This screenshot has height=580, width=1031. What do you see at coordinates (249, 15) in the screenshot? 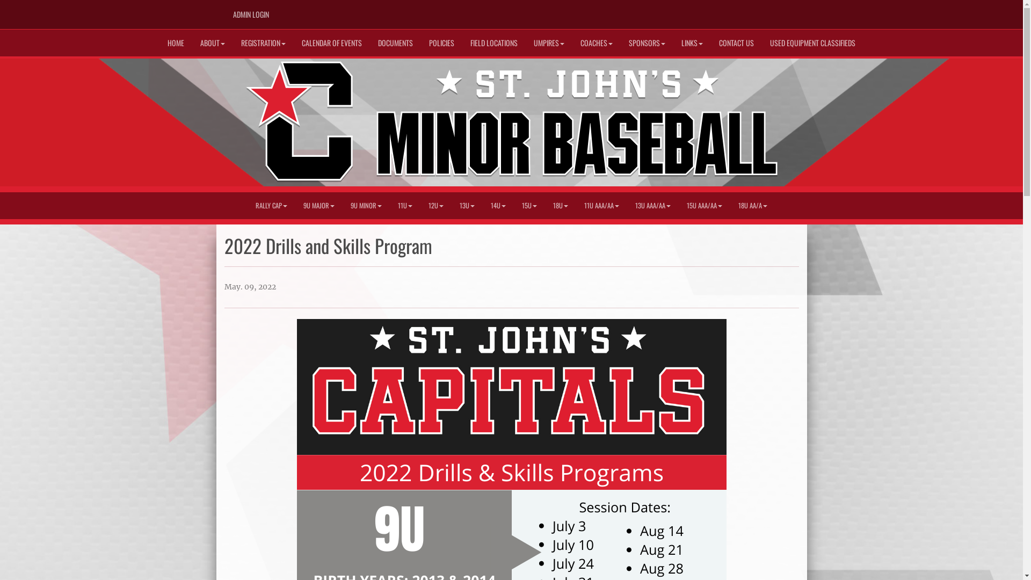
I see `' ADMIN LOGIN` at bounding box center [249, 15].